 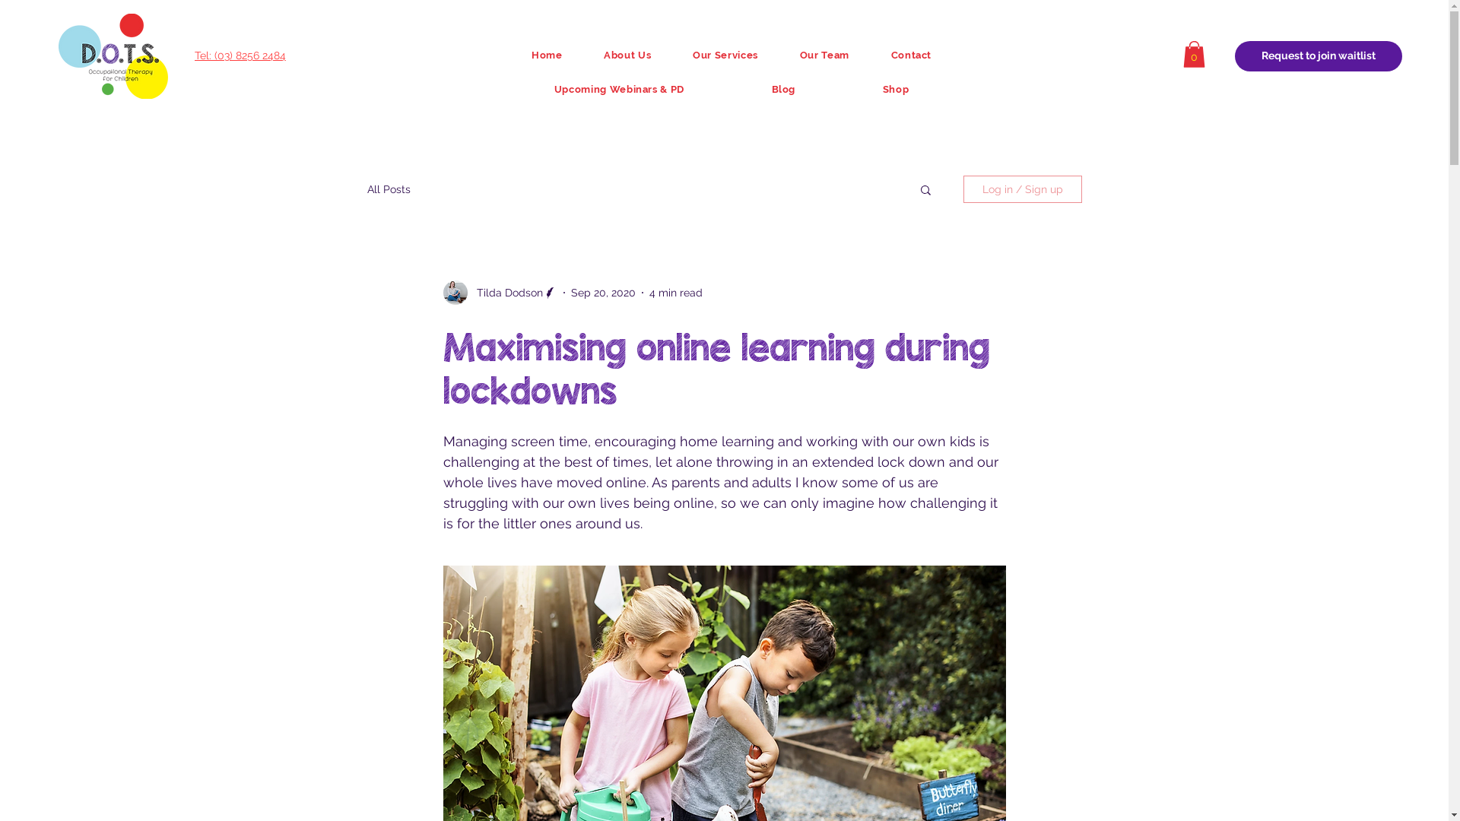 I want to click on 'Home', so click(x=514, y=55).